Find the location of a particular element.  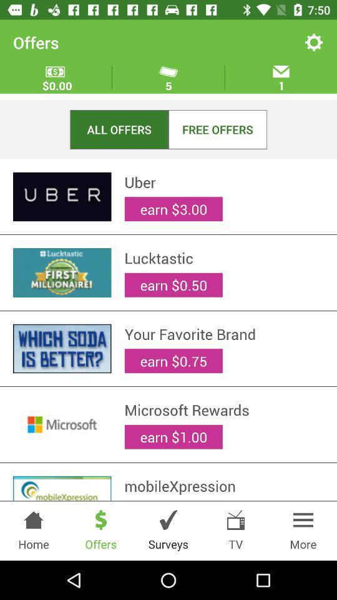

the item above earn $3.00 item is located at coordinates (223, 181).